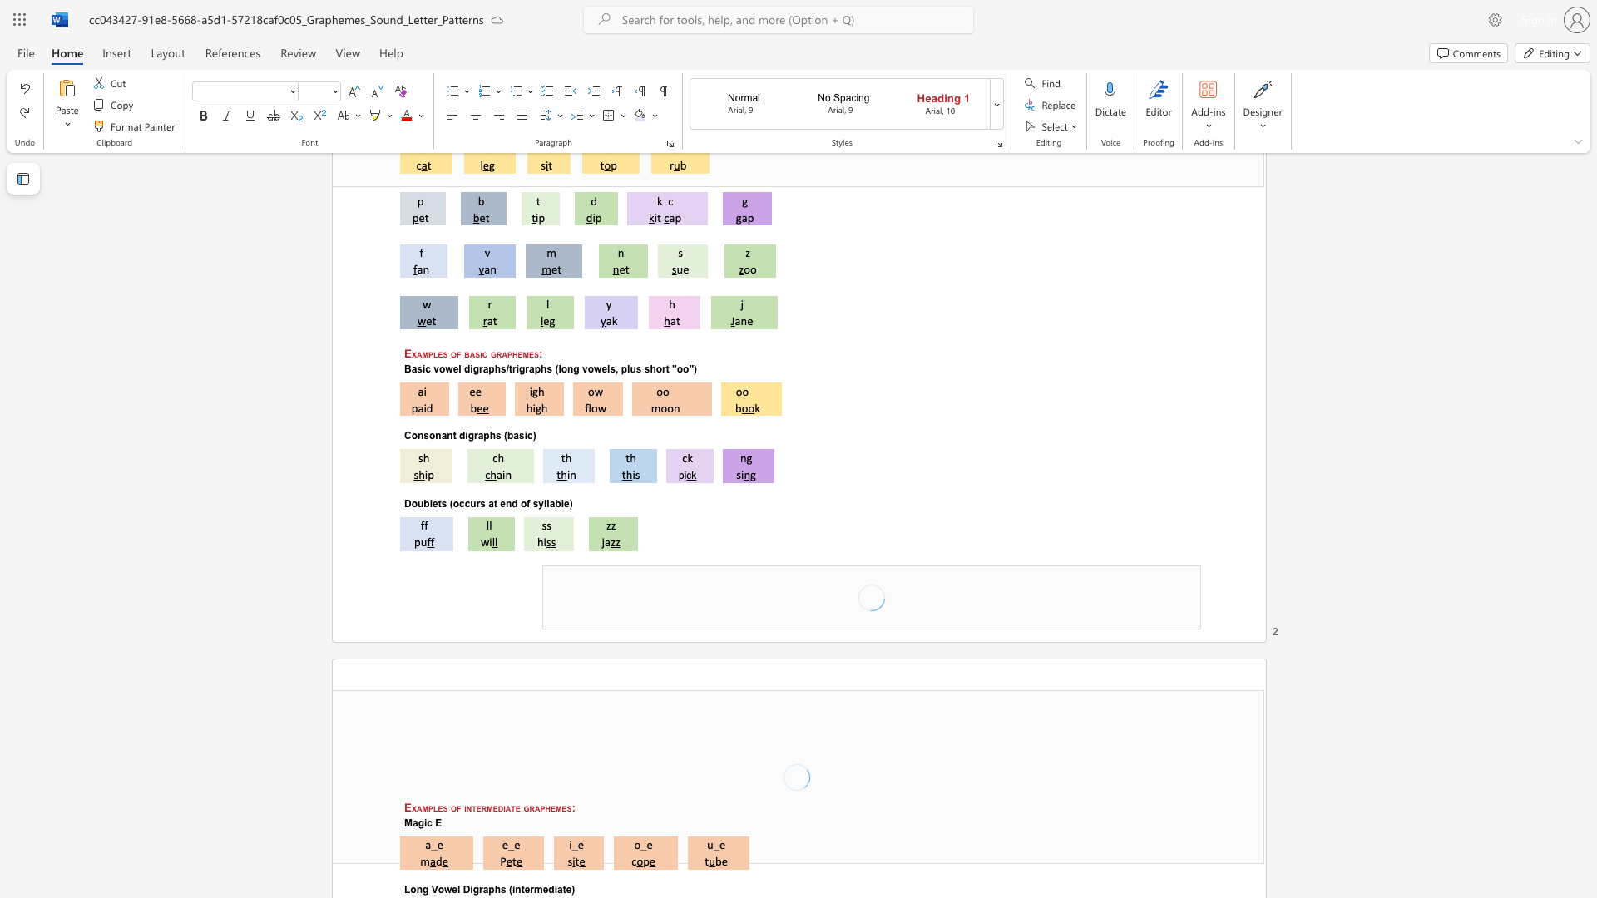  I want to click on the space between the continuous character "i" and "a" in the text, so click(505, 807).